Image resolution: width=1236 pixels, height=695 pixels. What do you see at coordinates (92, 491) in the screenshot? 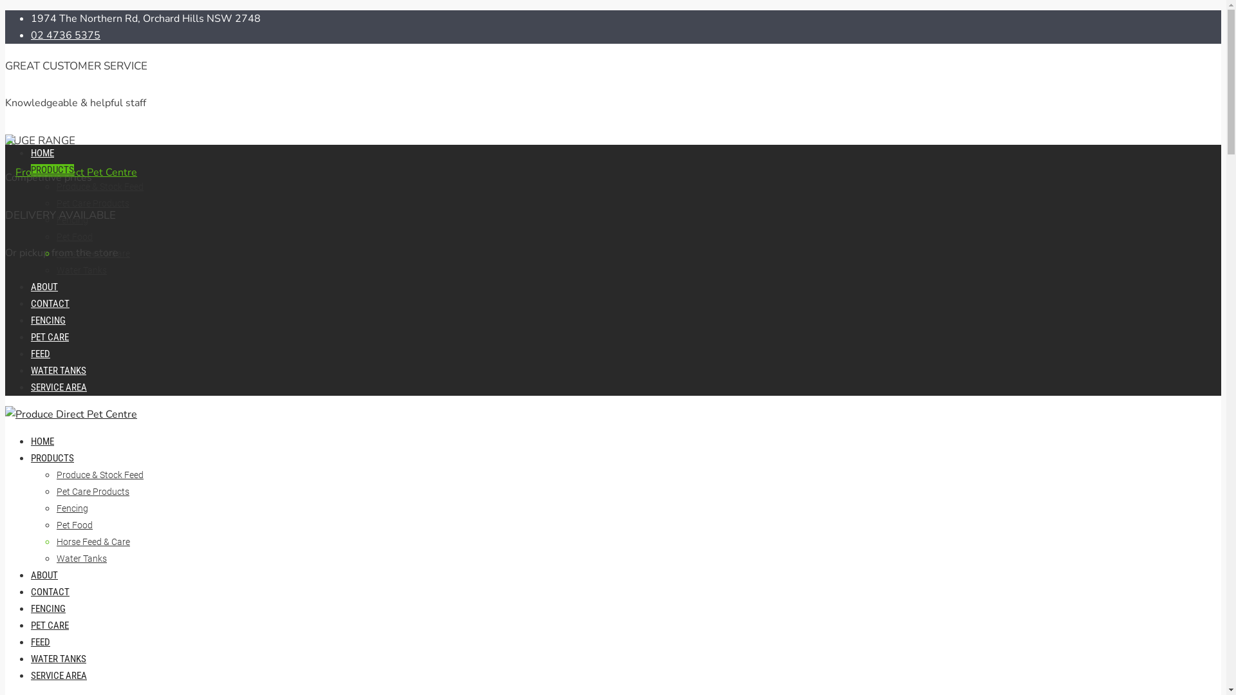
I see `'Pet Care Products'` at bounding box center [92, 491].